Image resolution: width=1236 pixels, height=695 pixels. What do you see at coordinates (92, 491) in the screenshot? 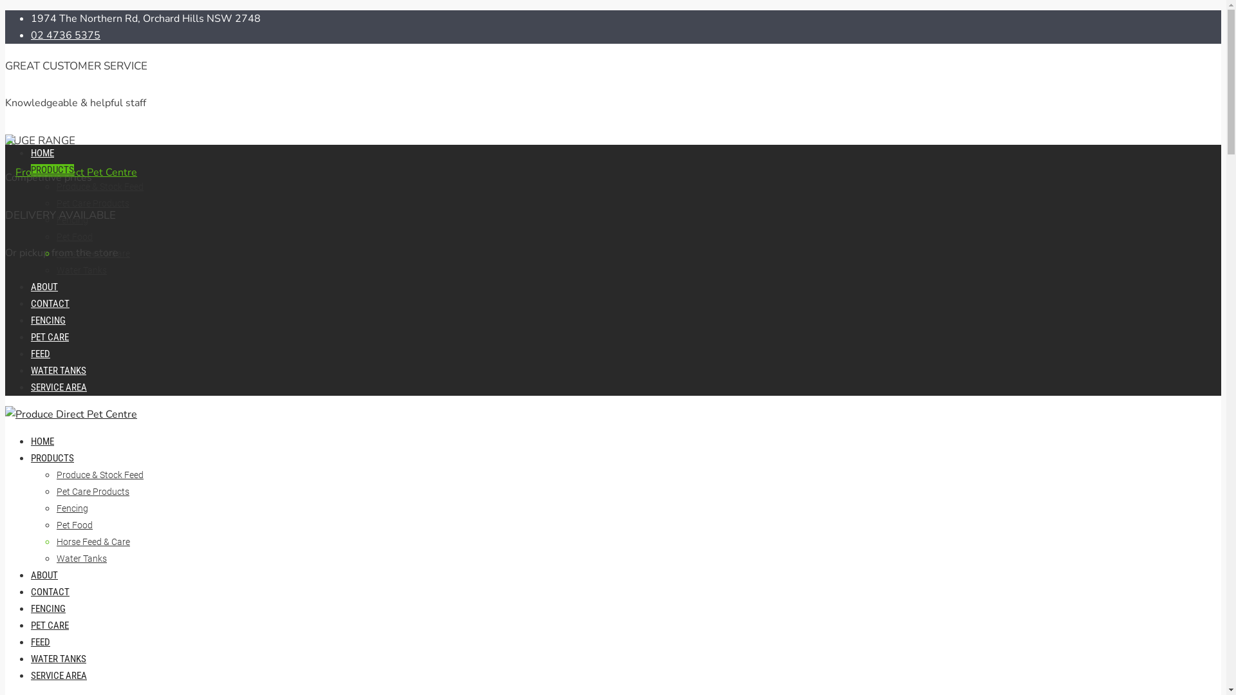
I see `'Pet Care Products'` at bounding box center [92, 491].